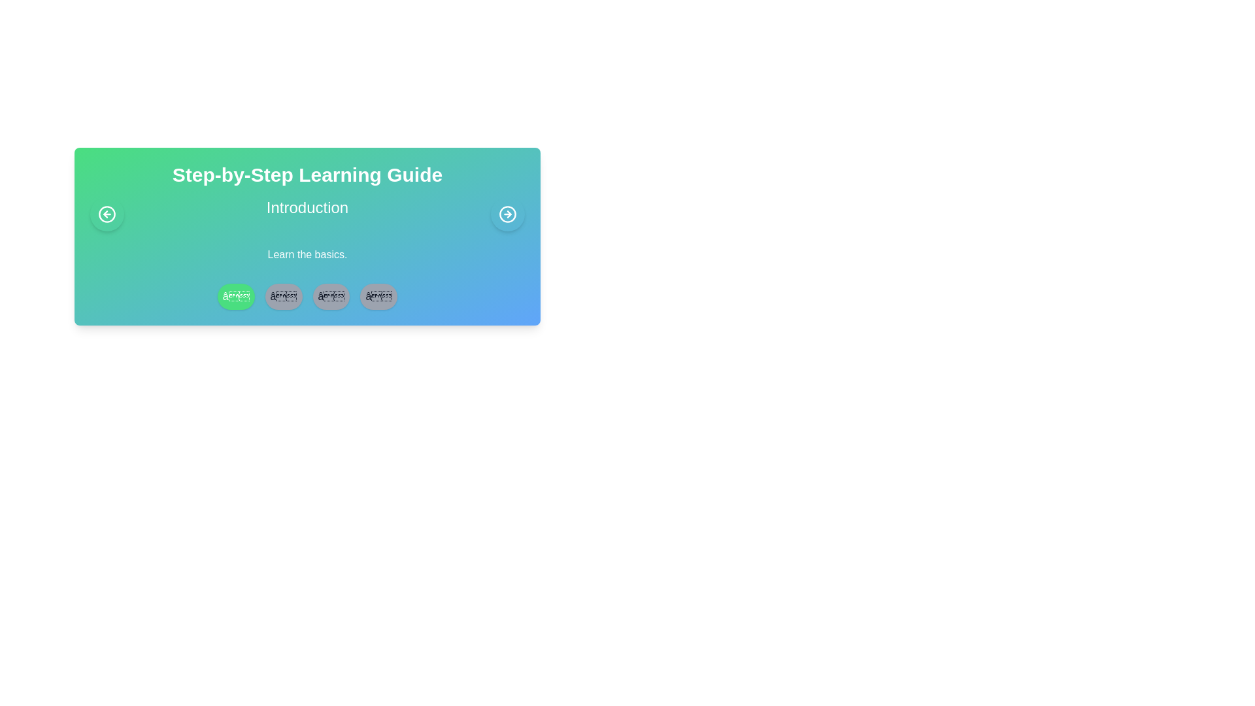  What do you see at coordinates (107, 213) in the screenshot?
I see `the decorative SVG circle located at the center of the icon on the top-left corner of the card` at bounding box center [107, 213].